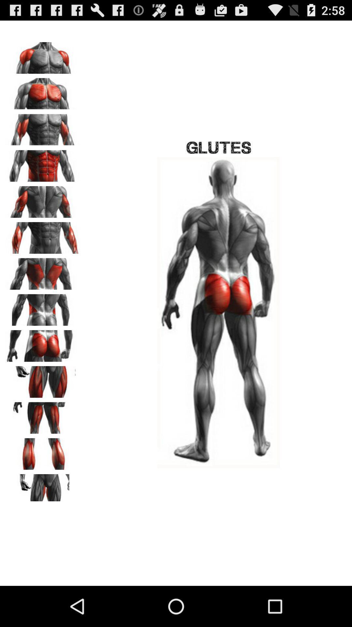 Image resolution: width=352 pixels, height=627 pixels. Describe the element at coordinates (43, 272) in the screenshot. I see `this muscle` at that location.